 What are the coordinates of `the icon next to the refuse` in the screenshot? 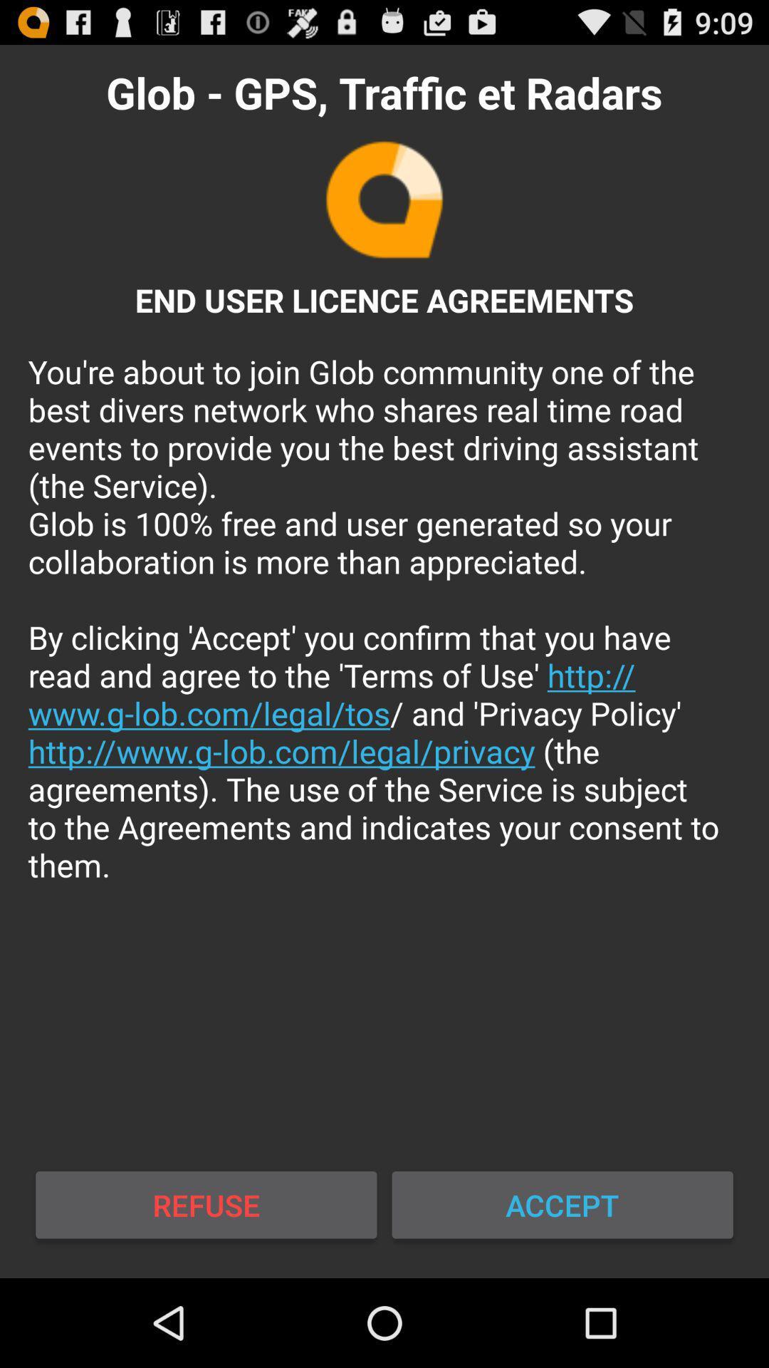 It's located at (562, 1204).